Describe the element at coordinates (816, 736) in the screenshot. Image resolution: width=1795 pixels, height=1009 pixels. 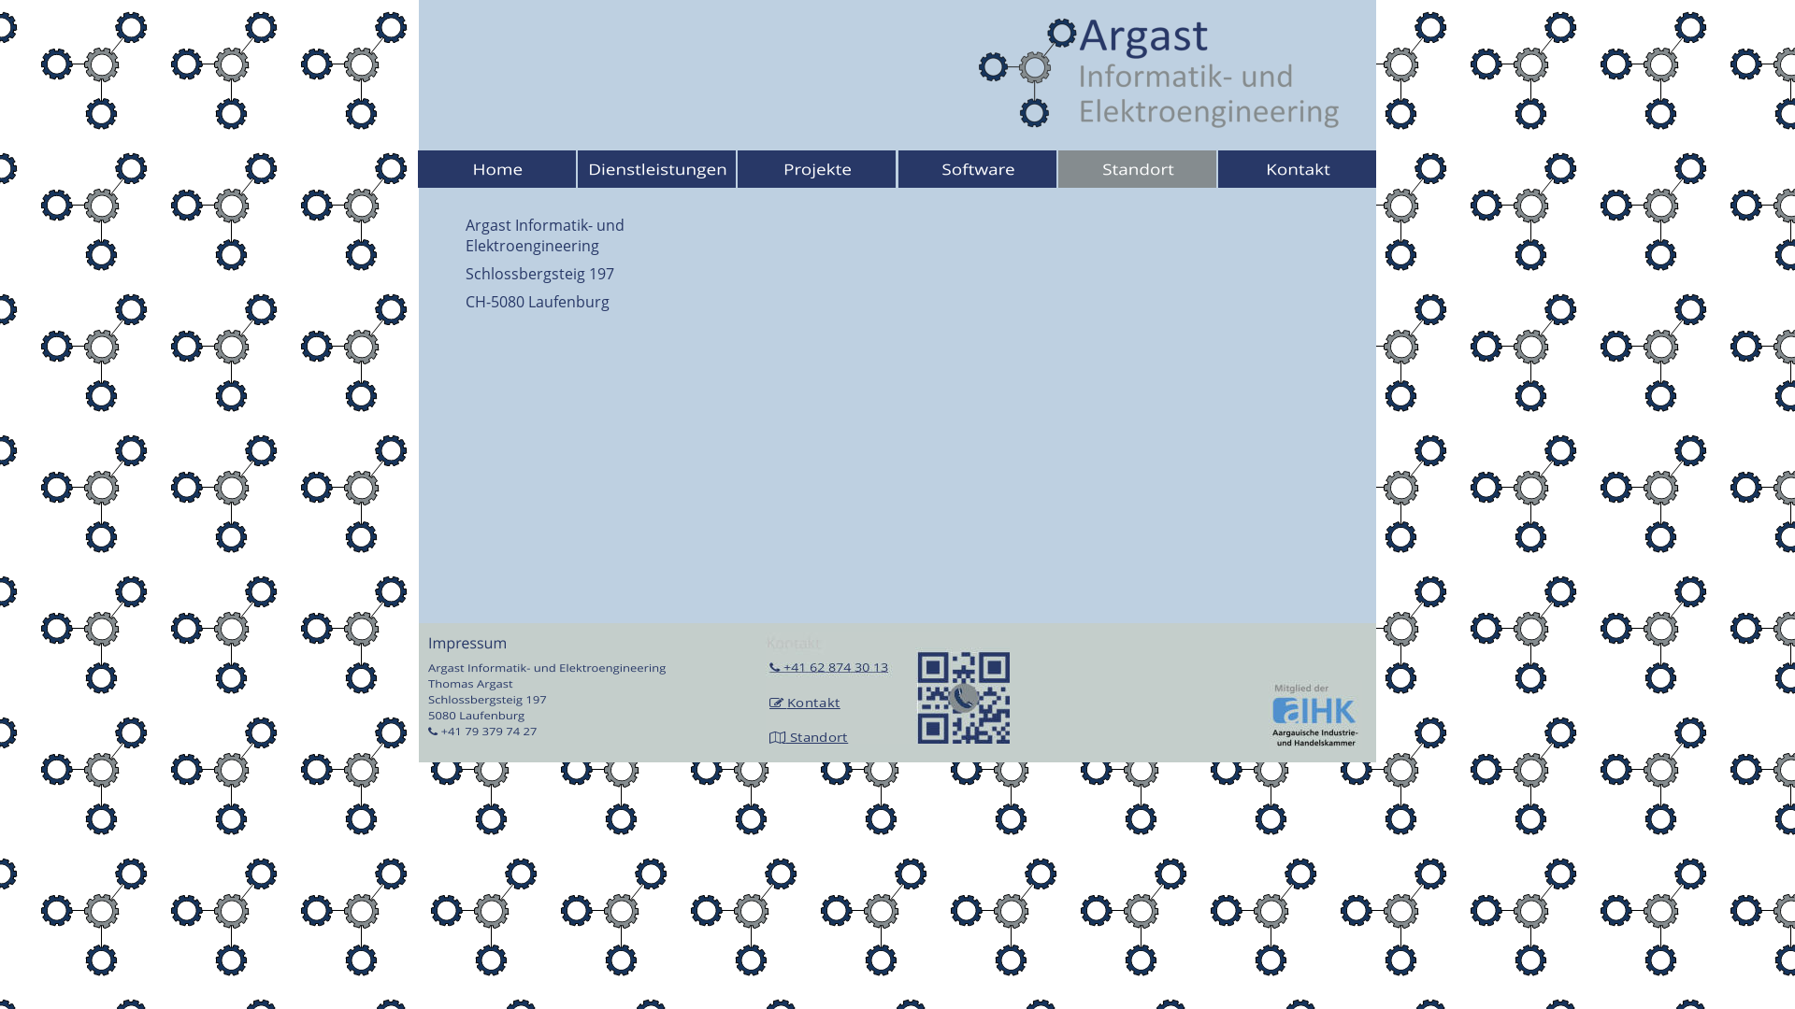
I see `' Standort'` at that location.